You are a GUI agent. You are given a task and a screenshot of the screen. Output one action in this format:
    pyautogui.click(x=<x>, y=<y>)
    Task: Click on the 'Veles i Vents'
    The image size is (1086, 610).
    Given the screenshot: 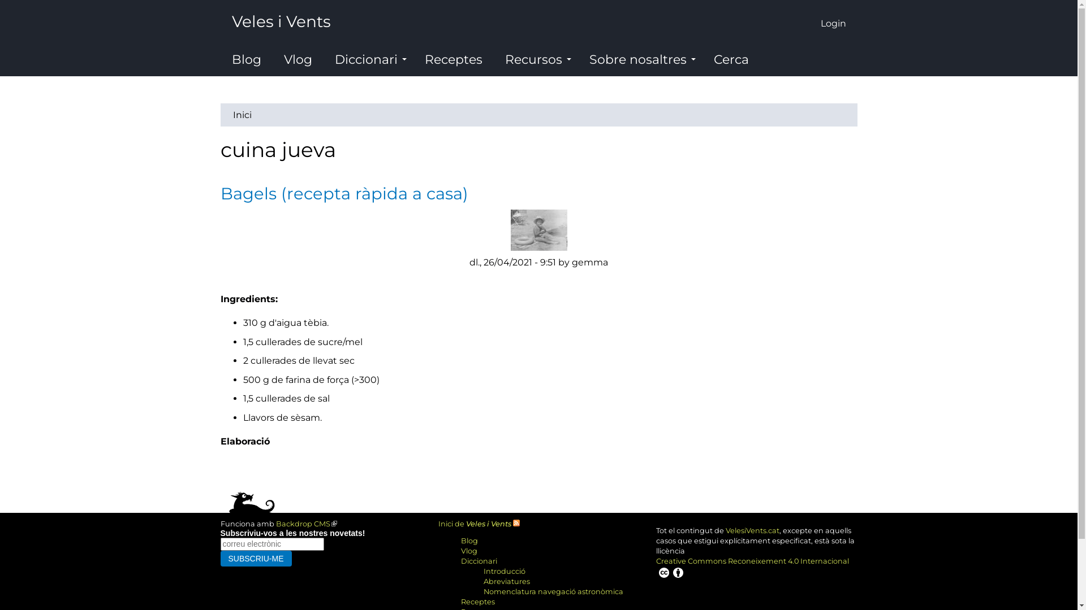 What is the action you would take?
    pyautogui.click(x=220, y=19)
    